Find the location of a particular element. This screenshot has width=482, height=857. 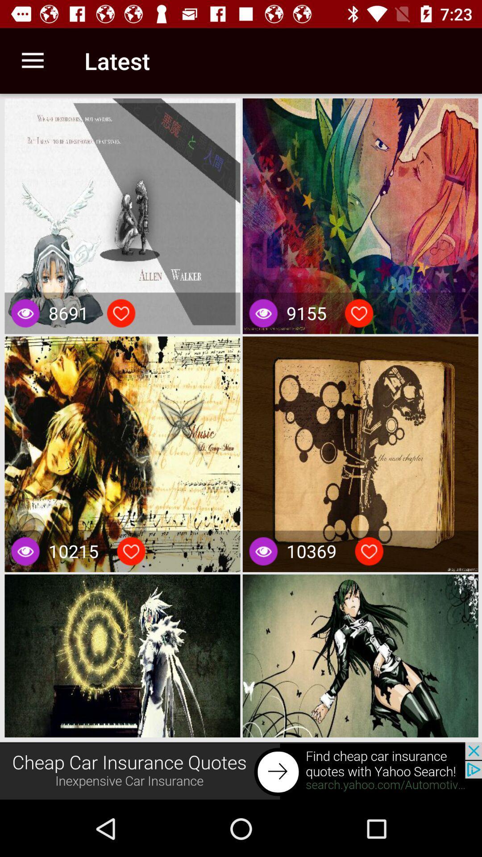

the icon left to the text 8691 is located at coordinates (25, 313).